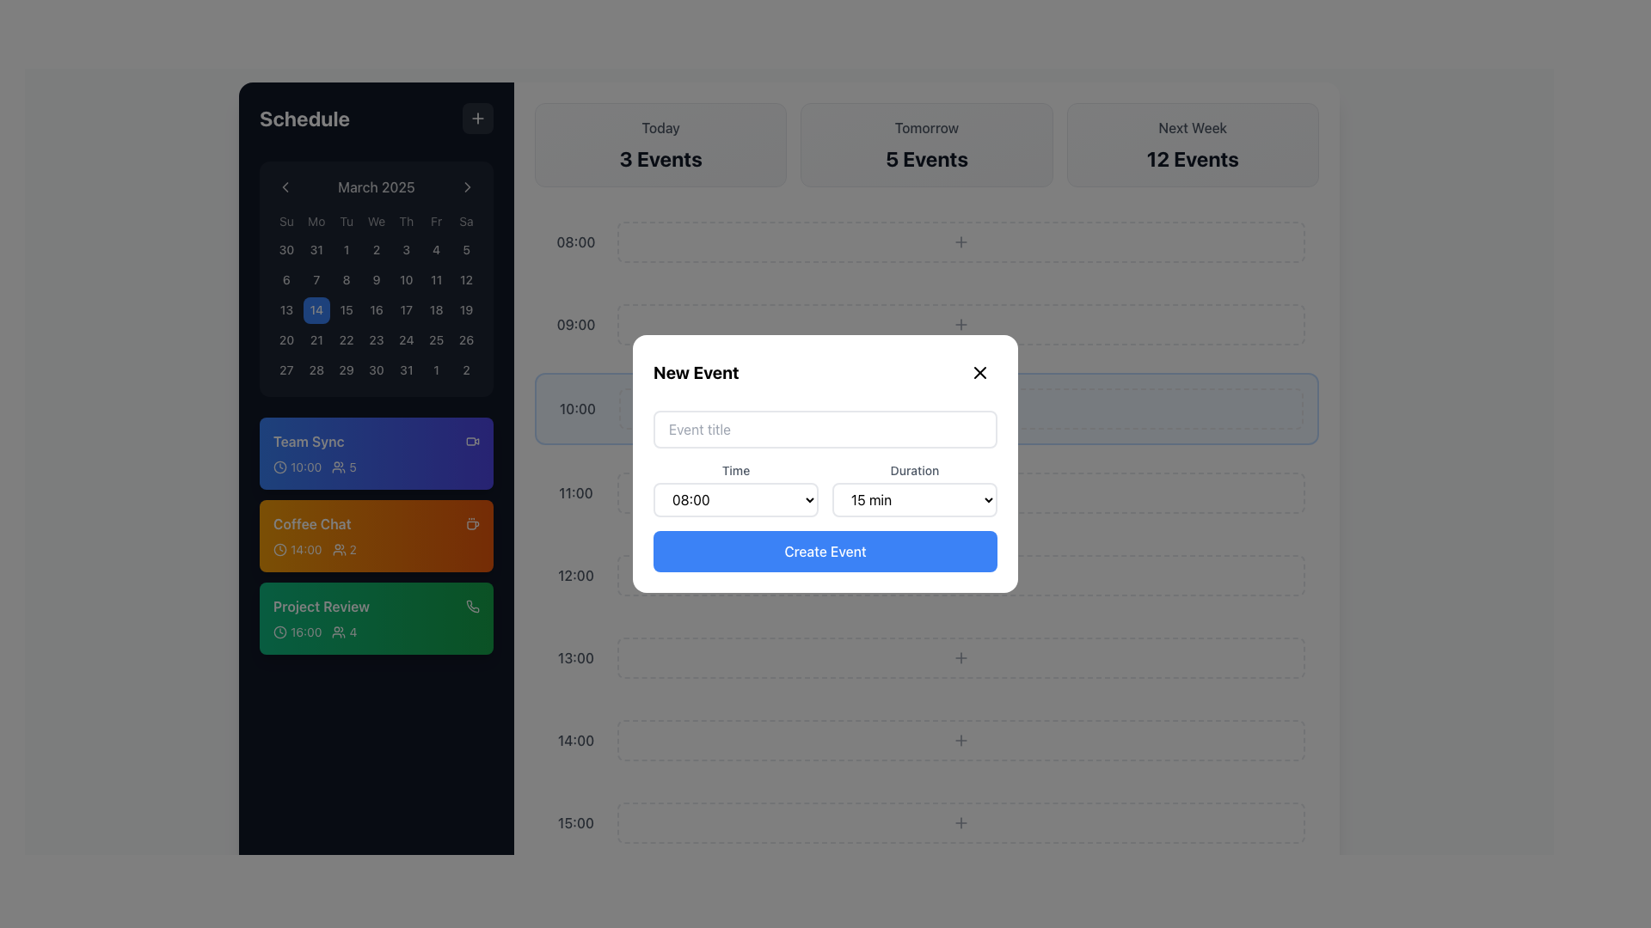 Image resolution: width=1651 pixels, height=928 pixels. What do you see at coordinates (375, 467) in the screenshot?
I see `the informational display component located at the bottom-center area of the 'Team Sync' schedule card, which provides details about the time, participants, and event indicators` at bounding box center [375, 467].